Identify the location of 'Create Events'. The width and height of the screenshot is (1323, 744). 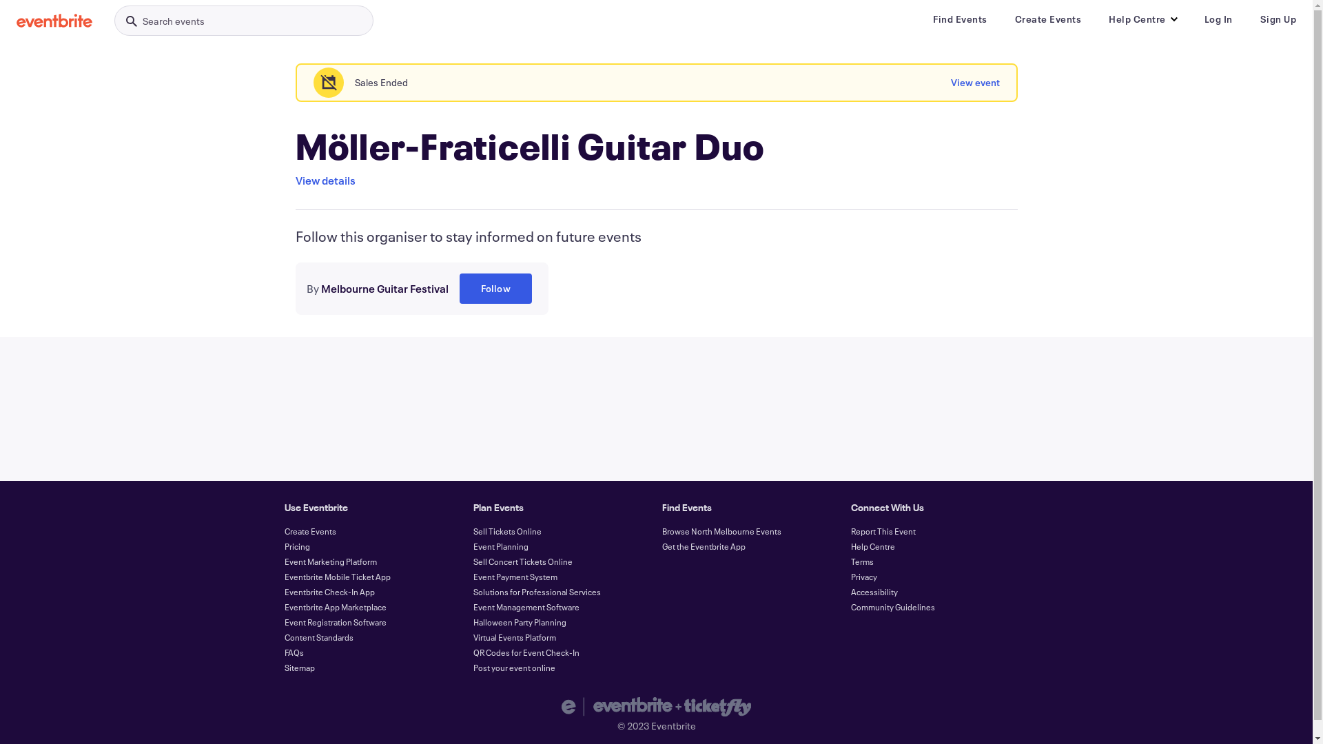
(1047, 19).